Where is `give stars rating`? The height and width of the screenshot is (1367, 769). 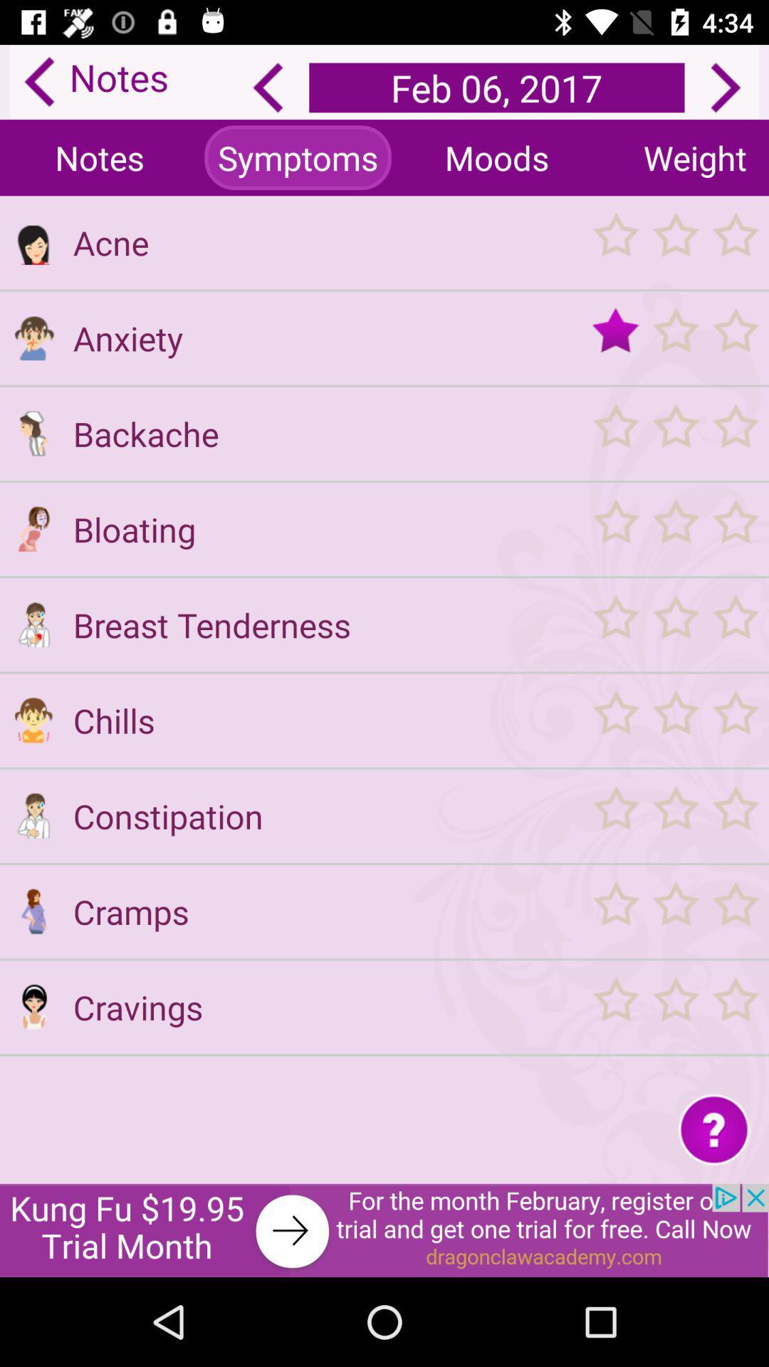
give stars rating is located at coordinates (674, 528).